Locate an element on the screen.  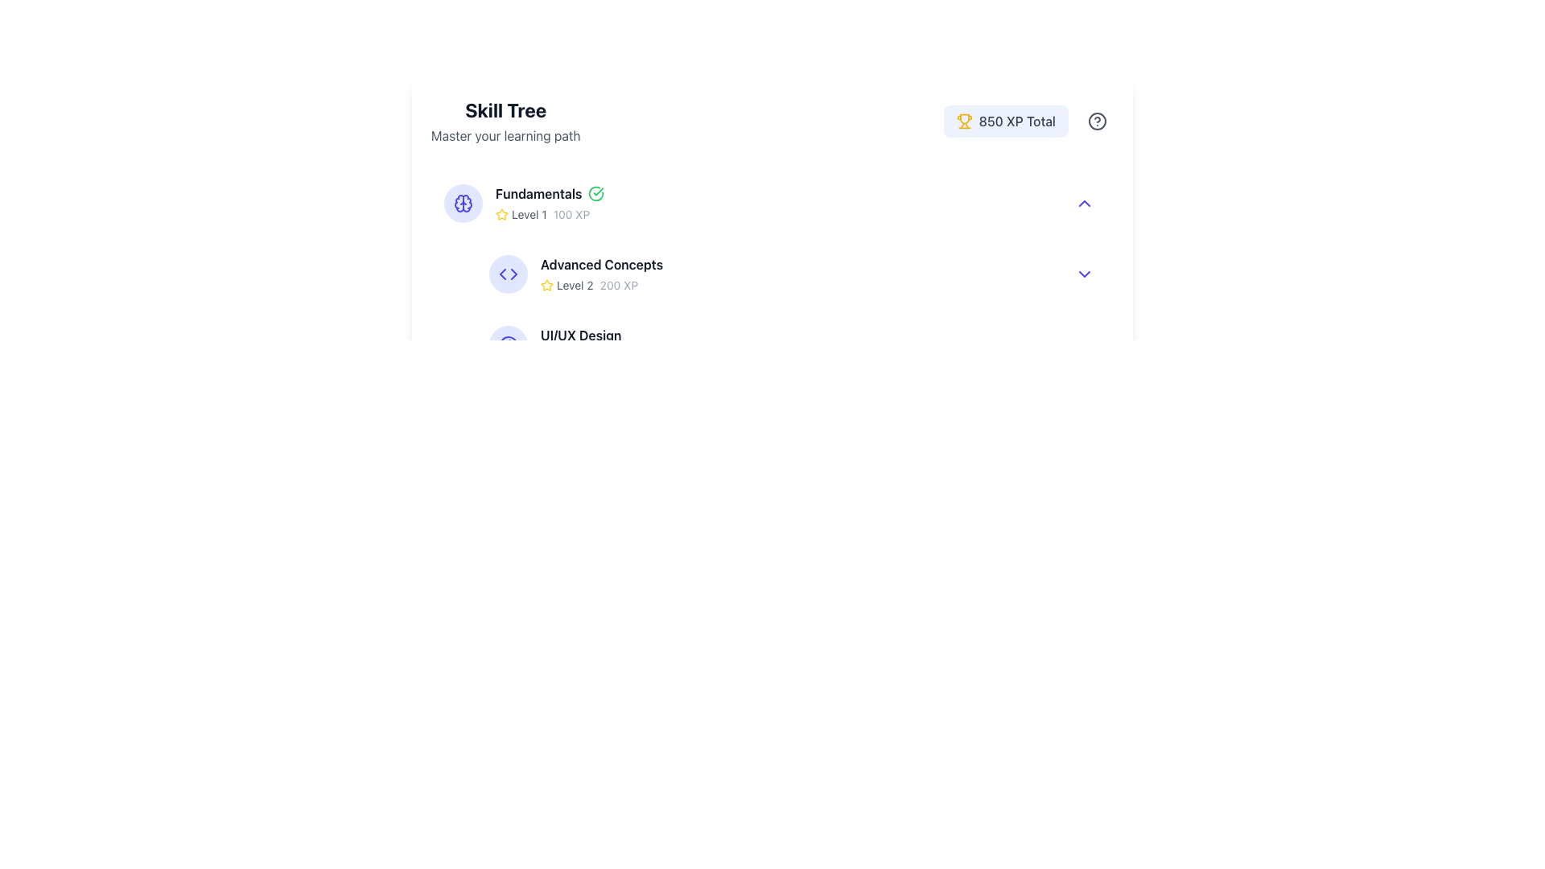
the textual label displaying experience points (XP) that is positioned to the right of 'Level 1' and aligned horizontally with it is located at coordinates (571, 213).